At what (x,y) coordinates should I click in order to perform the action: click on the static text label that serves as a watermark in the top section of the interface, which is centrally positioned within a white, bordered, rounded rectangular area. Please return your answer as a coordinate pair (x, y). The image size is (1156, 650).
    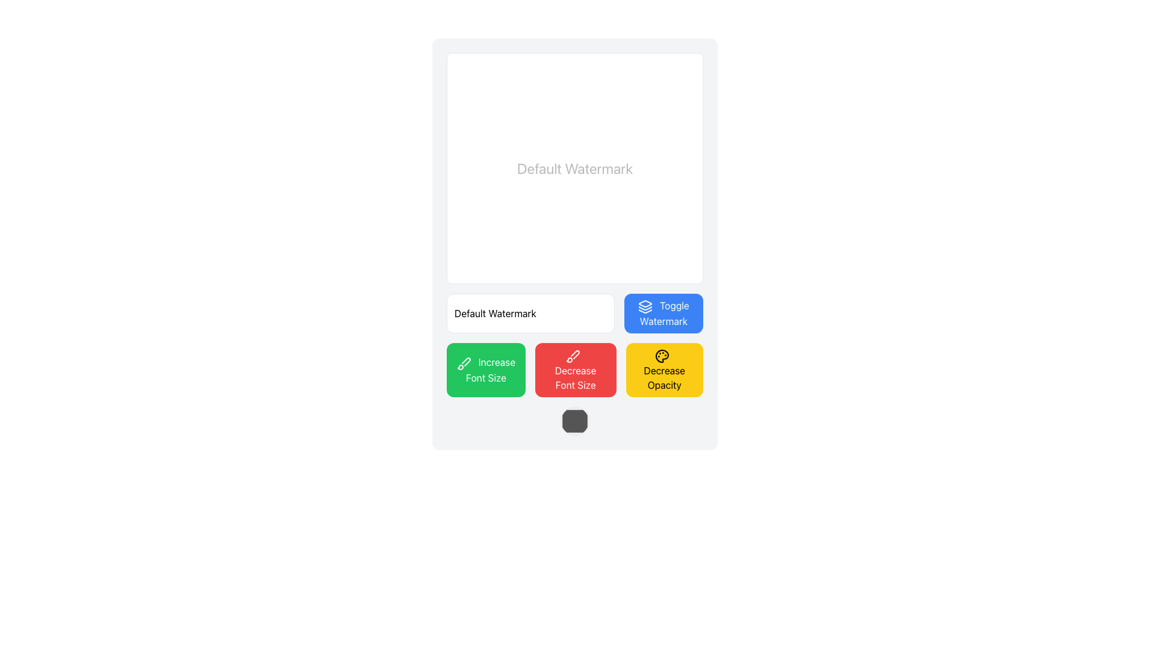
    Looking at the image, I should click on (574, 169).